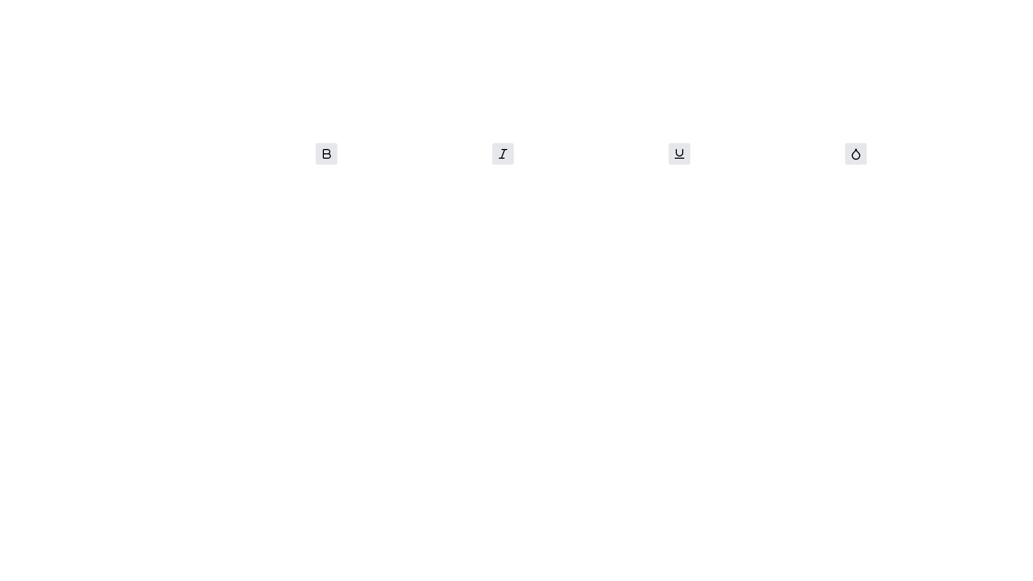 The width and height of the screenshot is (1033, 581). I want to click on the stylized italic 'I' button located between the 'B' (bold) button and the 'U' (underline) button in the toolbar, so click(503, 153).